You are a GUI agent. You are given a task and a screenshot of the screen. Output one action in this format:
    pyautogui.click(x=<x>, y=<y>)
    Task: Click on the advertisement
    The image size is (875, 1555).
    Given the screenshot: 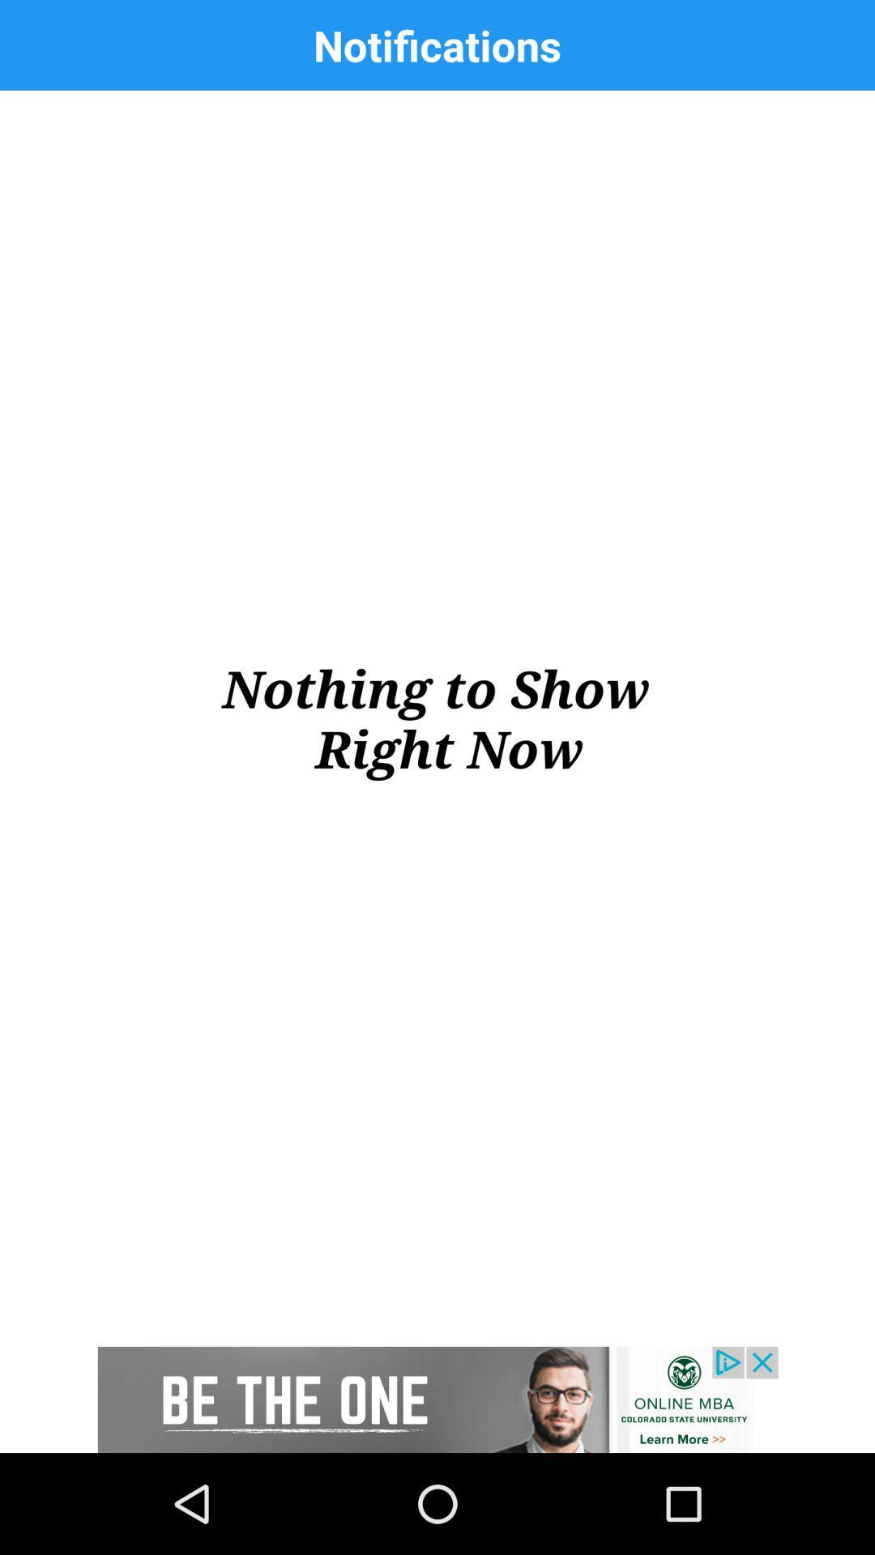 What is the action you would take?
    pyautogui.click(x=437, y=1399)
    